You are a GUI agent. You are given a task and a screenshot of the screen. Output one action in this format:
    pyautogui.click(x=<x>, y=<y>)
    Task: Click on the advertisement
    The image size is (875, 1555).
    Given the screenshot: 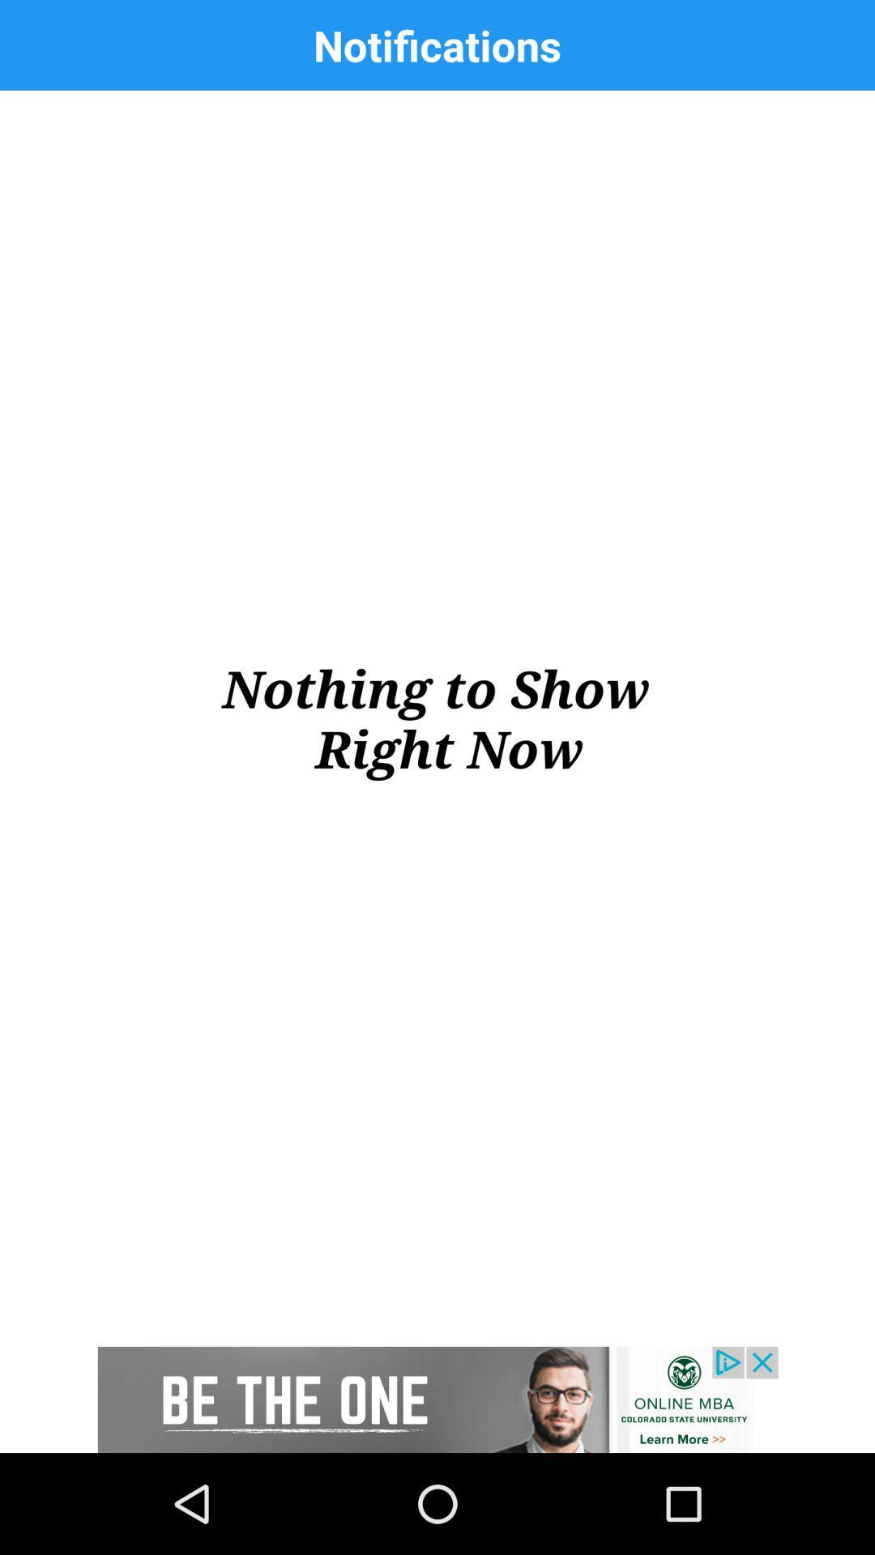 What is the action you would take?
    pyautogui.click(x=437, y=1399)
    